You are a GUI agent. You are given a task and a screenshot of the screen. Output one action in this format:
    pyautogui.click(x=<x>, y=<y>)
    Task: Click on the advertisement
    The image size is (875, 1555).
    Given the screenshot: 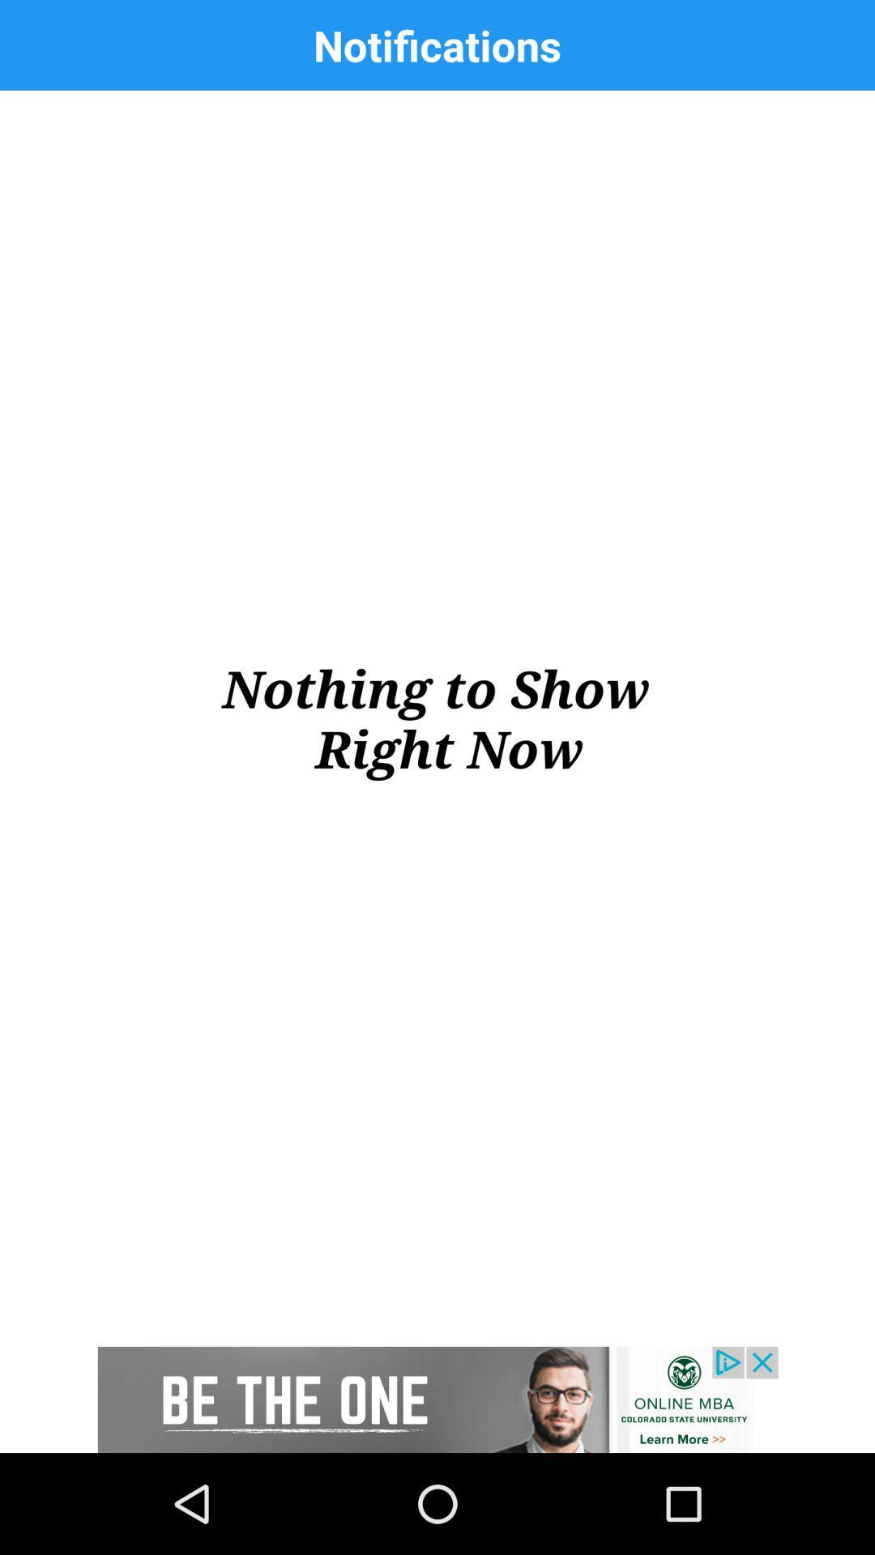 What is the action you would take?
    pyautogui.click(x=437, y=1399)
    